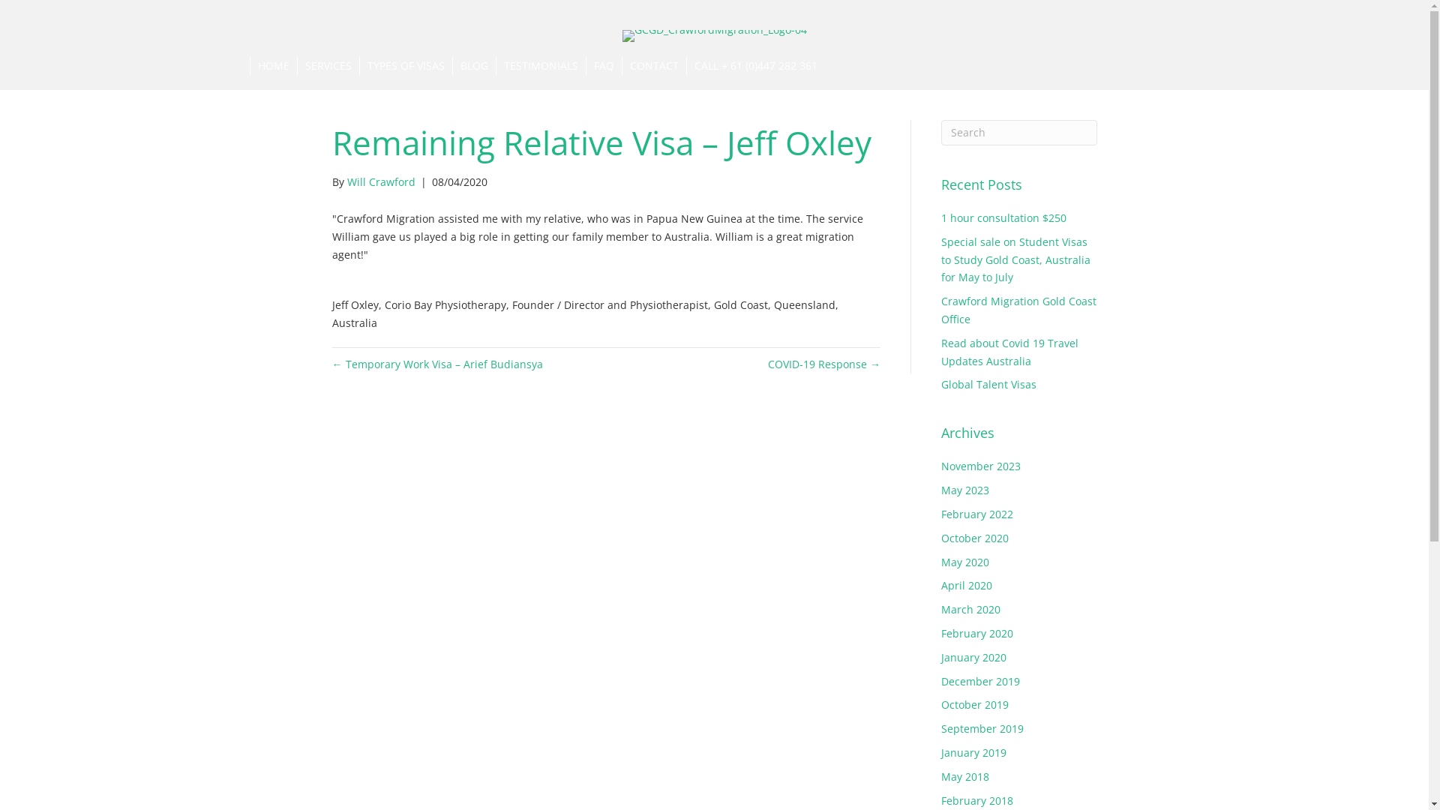 The height and width of the screenshot is (810, 1440). What do you see at coordinates (652, 65) in the screenshot?
I see `'CONTACT'` at bounding box center [652, 65].